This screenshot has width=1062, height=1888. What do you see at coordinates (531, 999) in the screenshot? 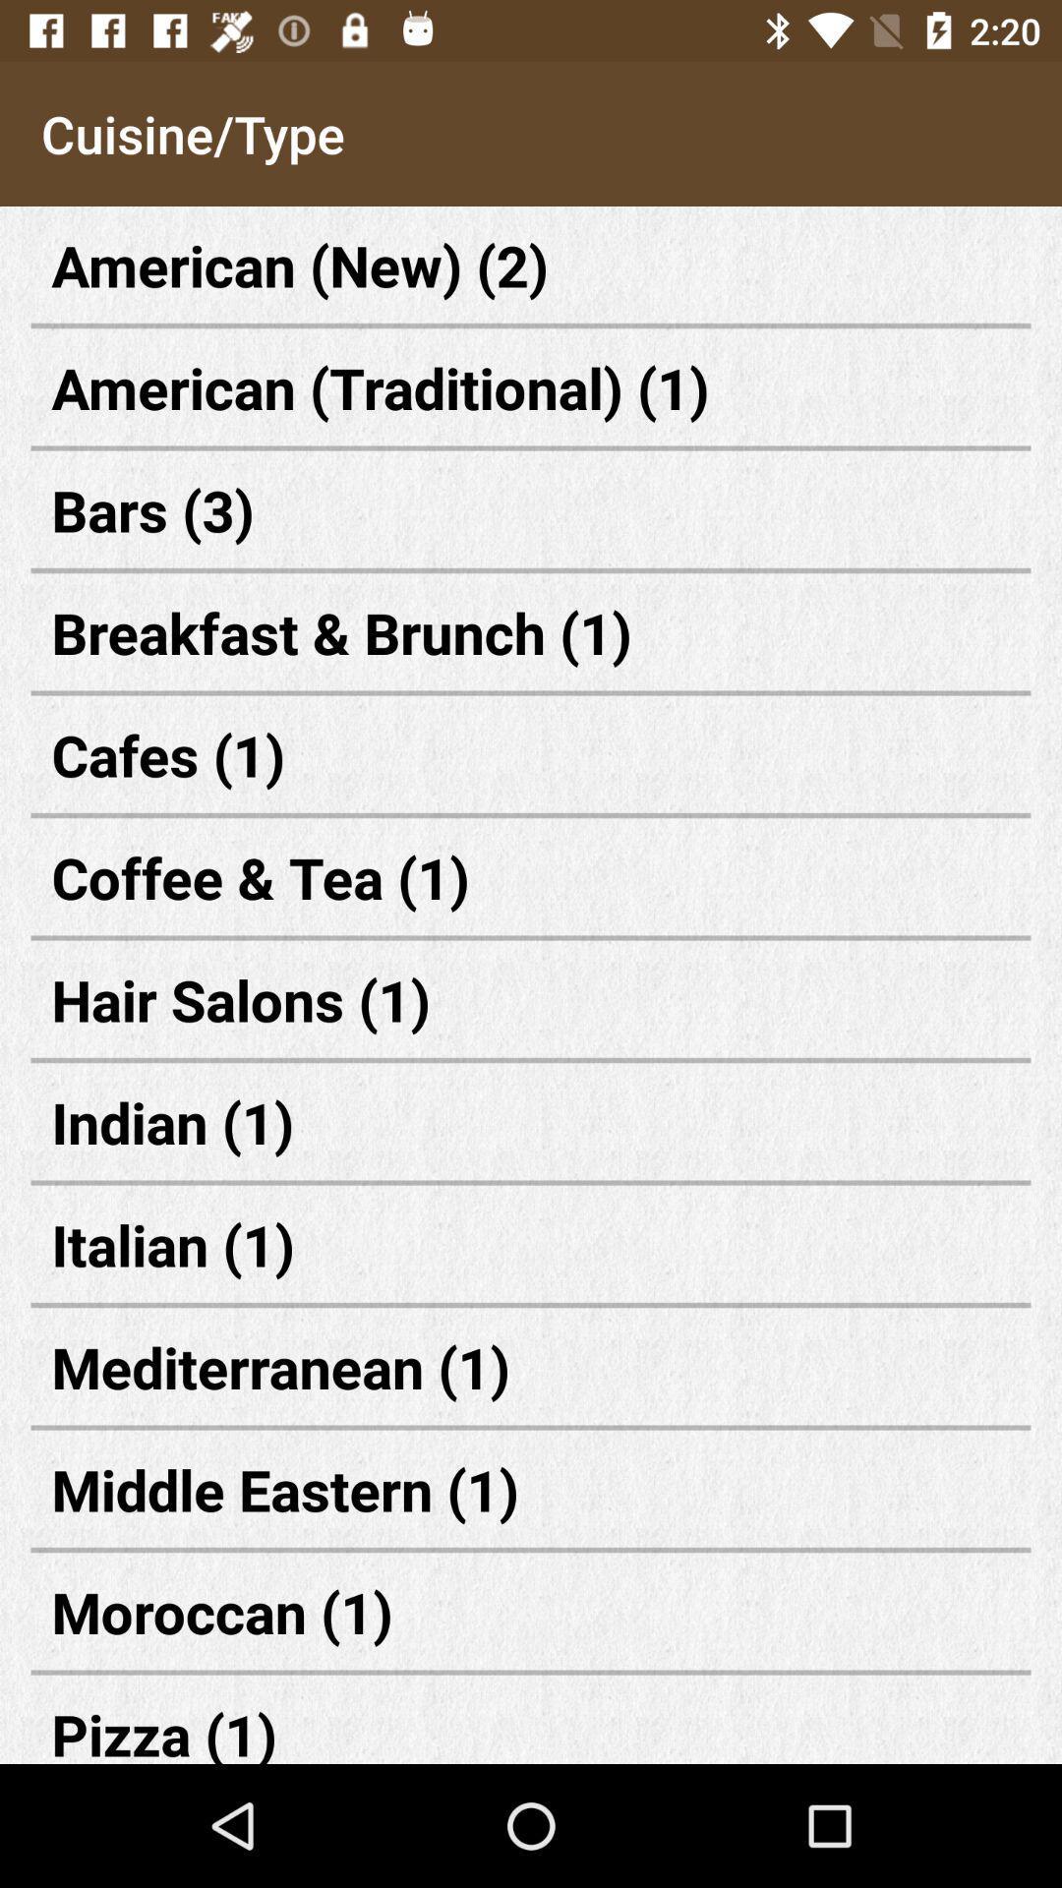
I see `icon above indian (1)` at bounding box center [531, 999].